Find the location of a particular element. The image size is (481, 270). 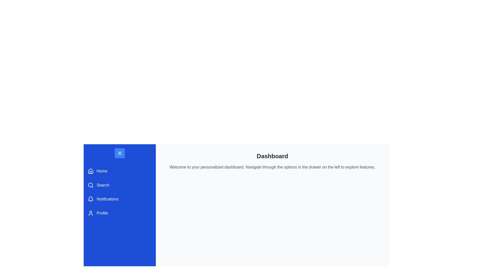

the 'Search' text label in the vertical navigation menu is located at coordinates (103, 185).